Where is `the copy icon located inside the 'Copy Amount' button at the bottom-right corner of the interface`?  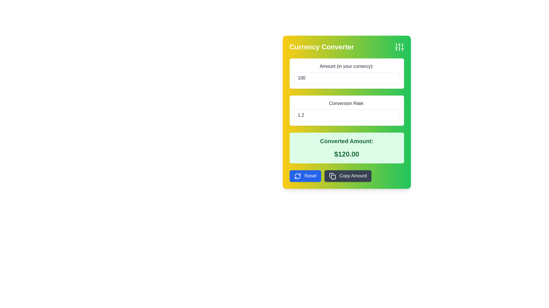 the copy icon located inside the 'Copy Amount' button at the bottom-right corner of the interface is located at coordinates (332, 176).